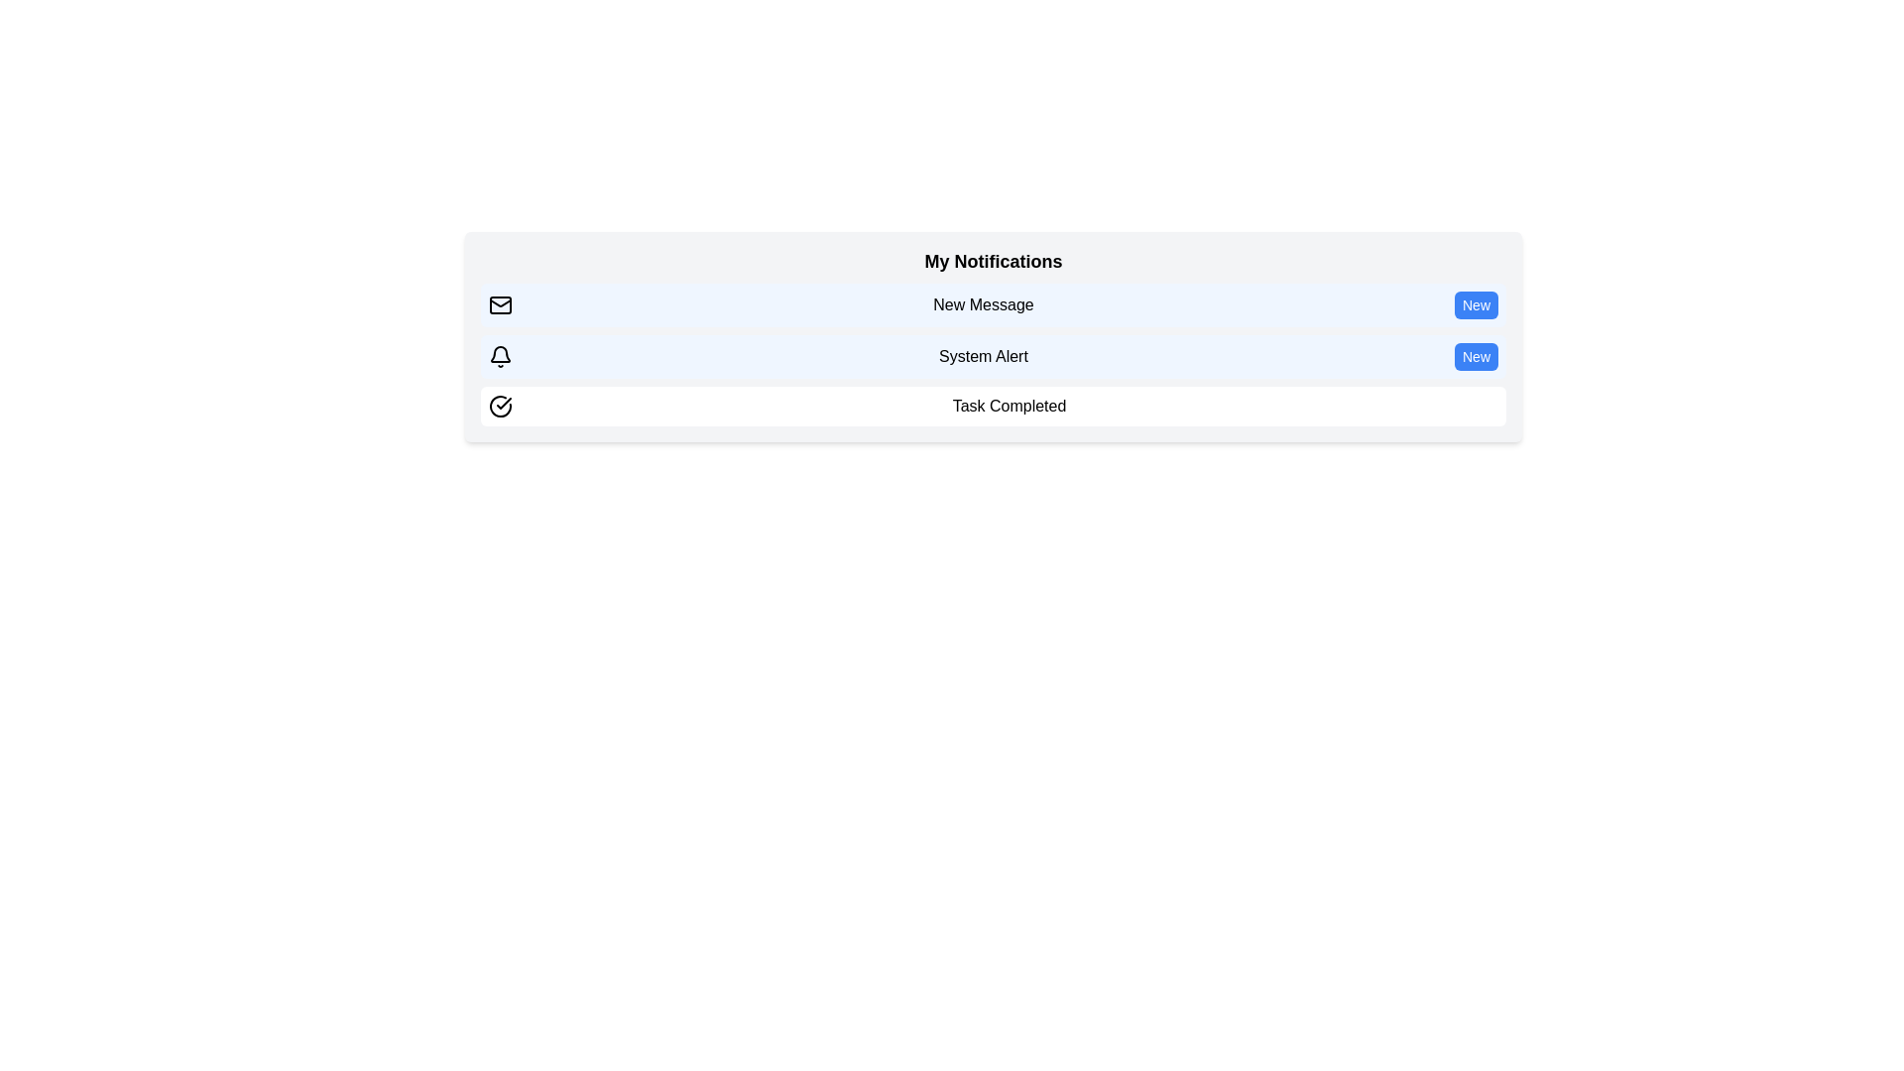 This screenshot has height=1071, width=1904. I want to click on the label indicating a new or unread notification located on the right side of the notification entry, so click(1476, 305).